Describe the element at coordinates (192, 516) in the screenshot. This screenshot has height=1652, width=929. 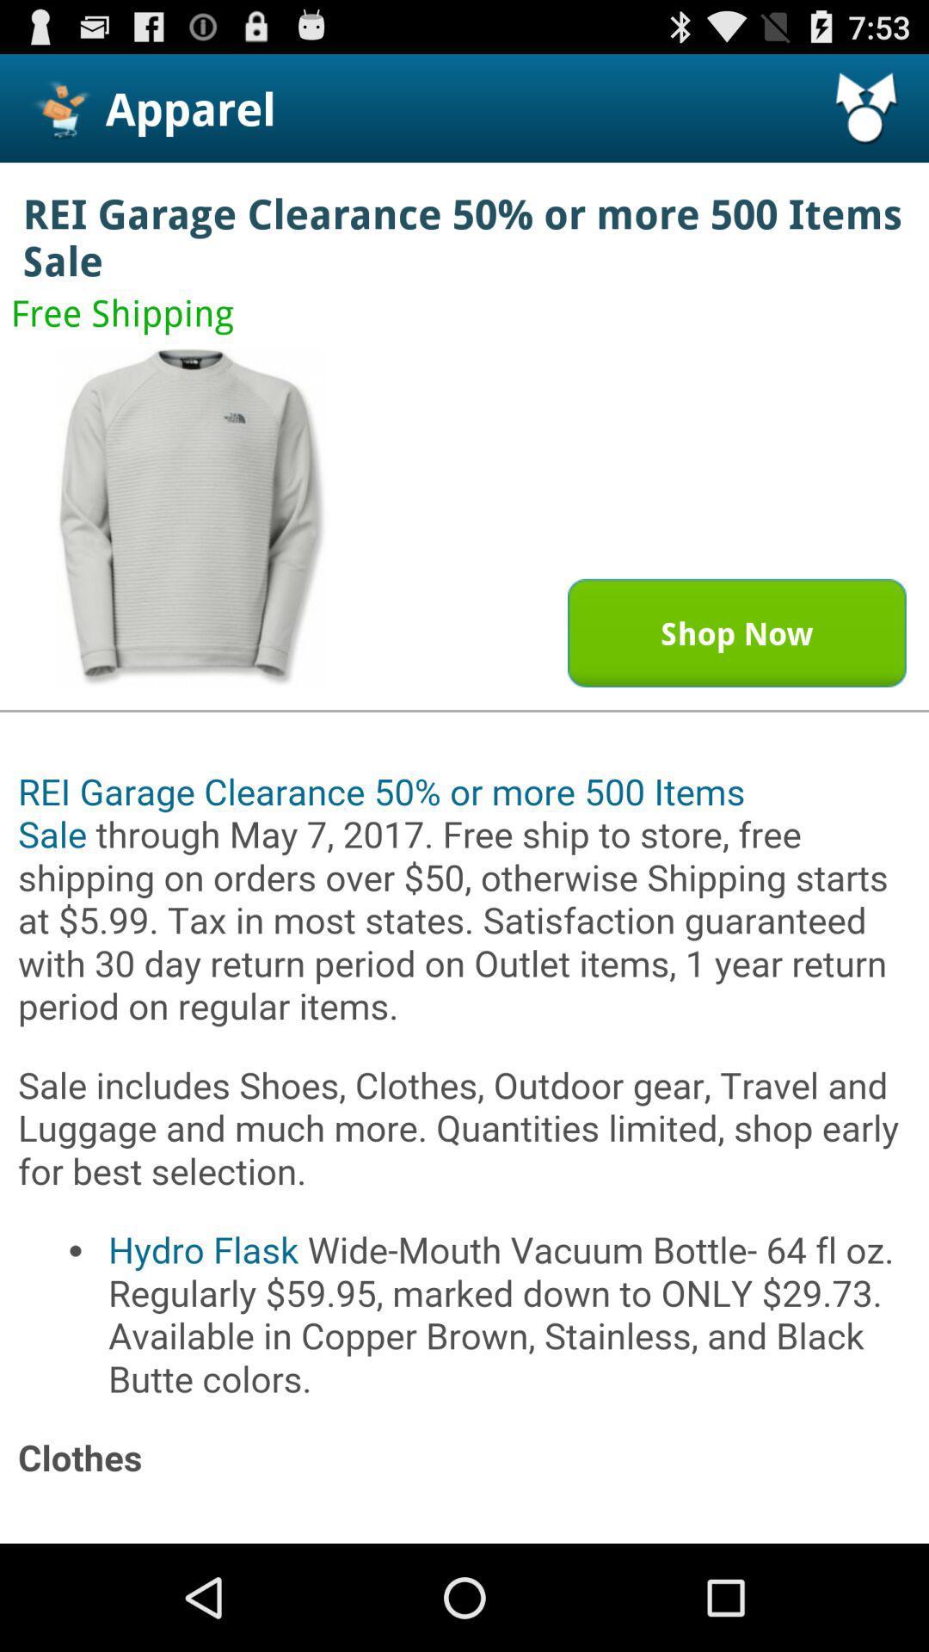
I see `a bigger picture` at that location.